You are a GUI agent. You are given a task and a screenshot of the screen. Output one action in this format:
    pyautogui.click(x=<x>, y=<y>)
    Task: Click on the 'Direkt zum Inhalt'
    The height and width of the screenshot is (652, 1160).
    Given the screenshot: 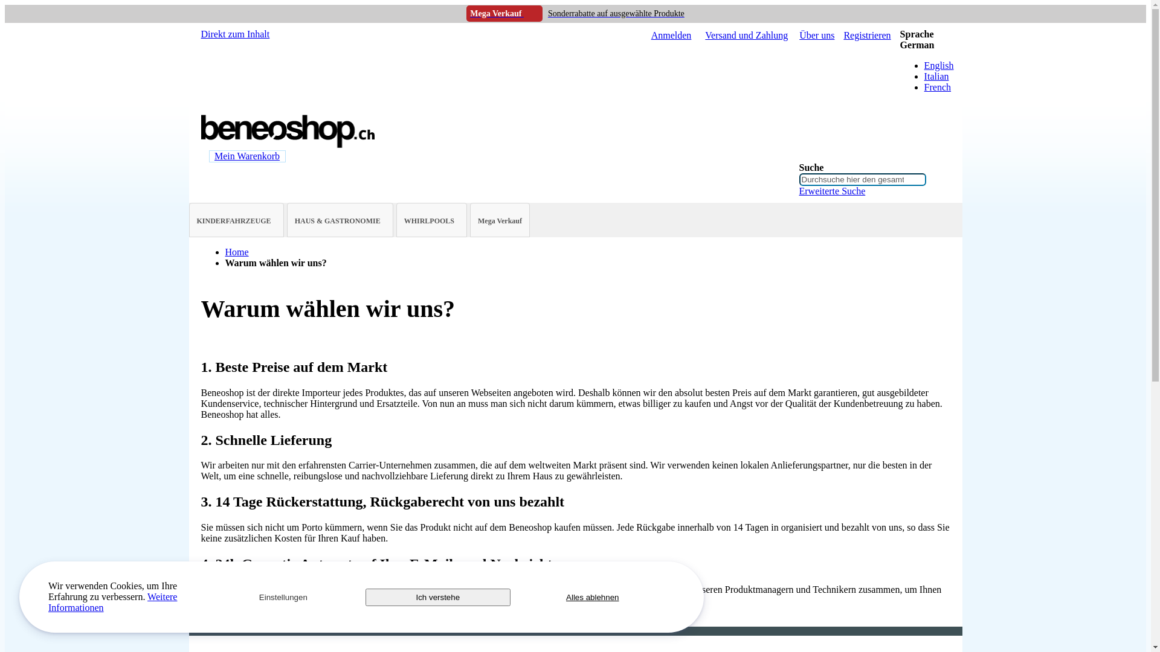 What is the action you would take?
    pyautogui.click(x=234, y=33)
    